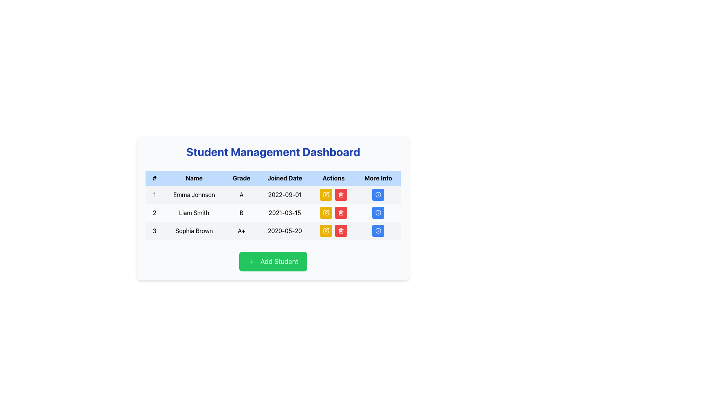 Image resolution: width=722 pixels, height=406 pixels. I want to click on the Static Text element displaying the number '2' located in the second row of the table under the column labeled '#', so click(154, 213).